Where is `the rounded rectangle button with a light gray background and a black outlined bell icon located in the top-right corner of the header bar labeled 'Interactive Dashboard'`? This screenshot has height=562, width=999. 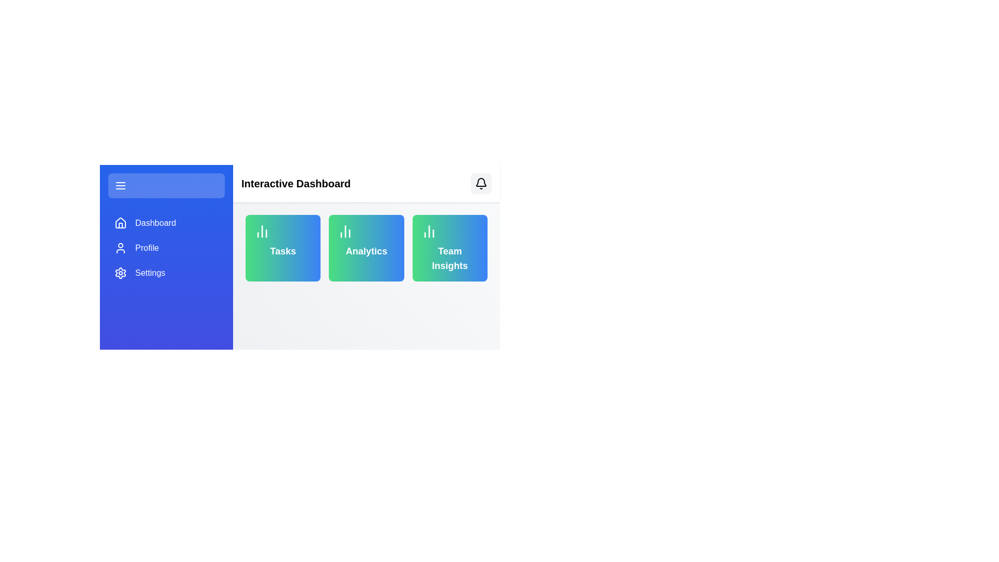 the rounded rectangle button with a light gray background and a black outlined bell icon located in the top-right corner of the header bar labeled 'Interactive Dashboard' is located at coordinates (481, 183).